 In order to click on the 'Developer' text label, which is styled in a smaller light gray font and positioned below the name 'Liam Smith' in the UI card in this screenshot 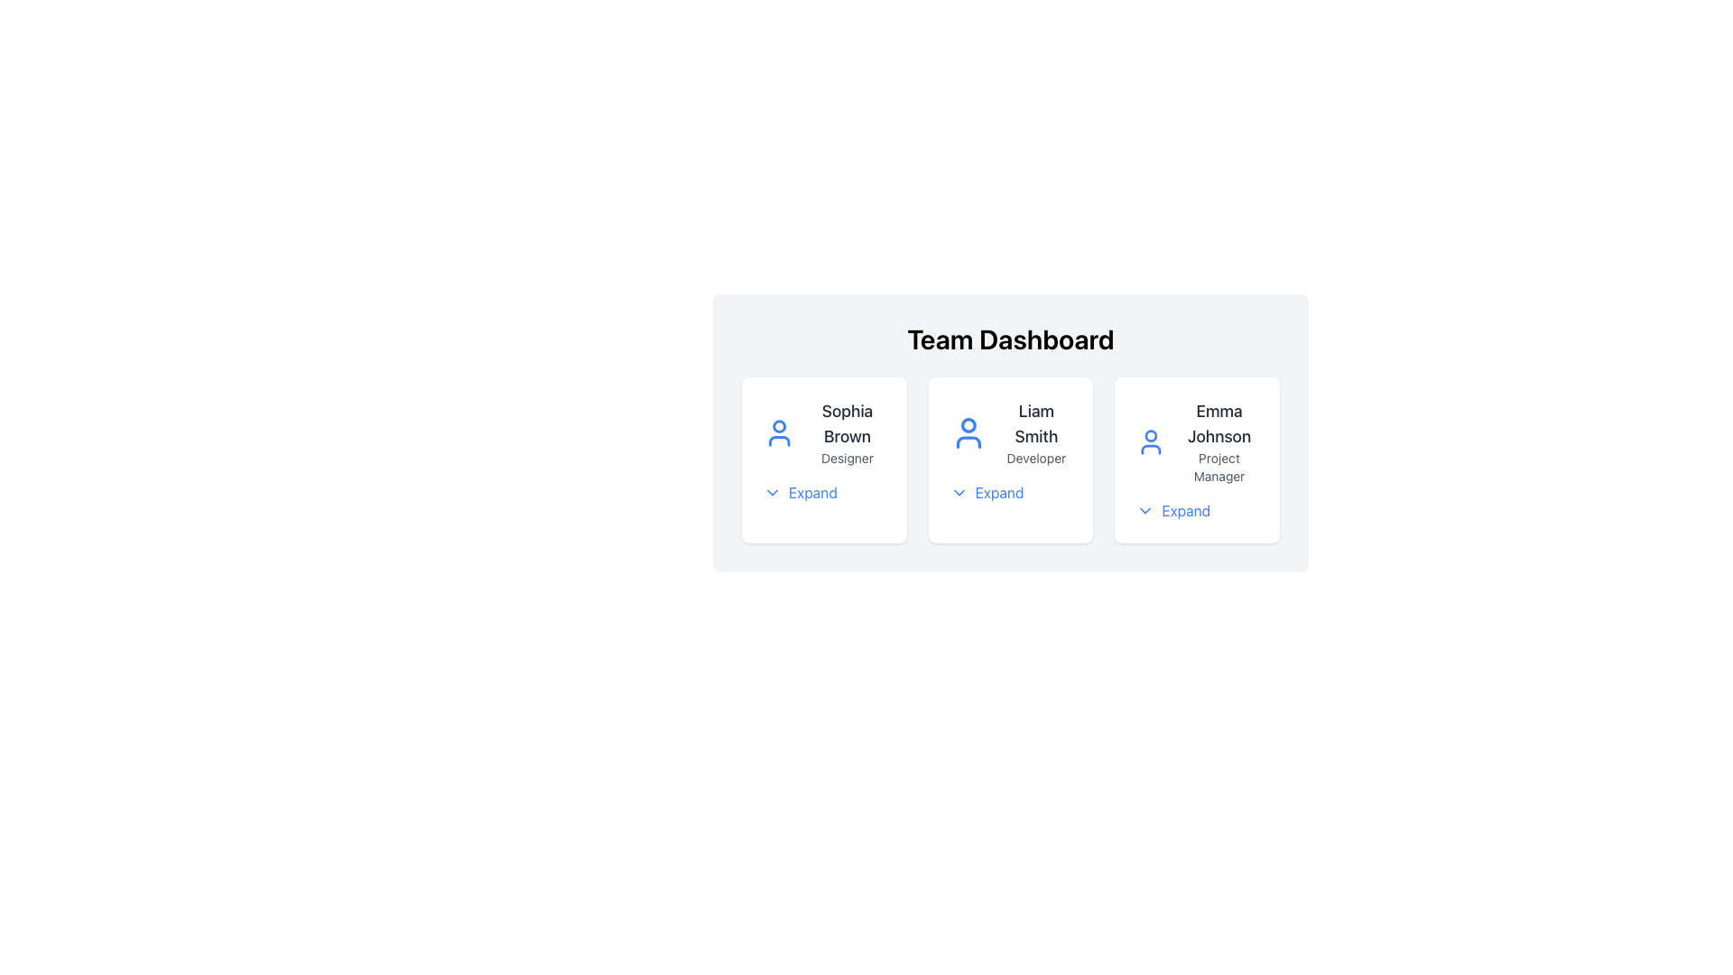, I will do `click(1036, 458)`.